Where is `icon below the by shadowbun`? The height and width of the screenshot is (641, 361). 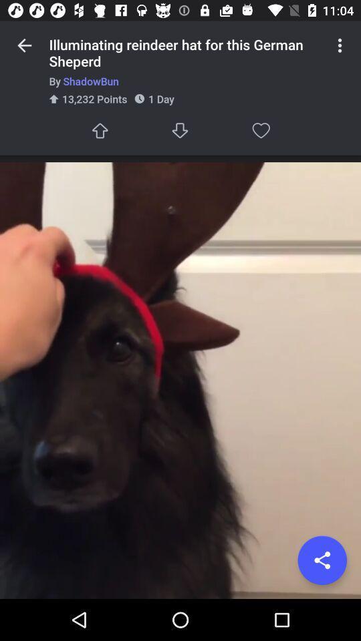 icon below the by shadowbun is located at coordinates (261, 130).